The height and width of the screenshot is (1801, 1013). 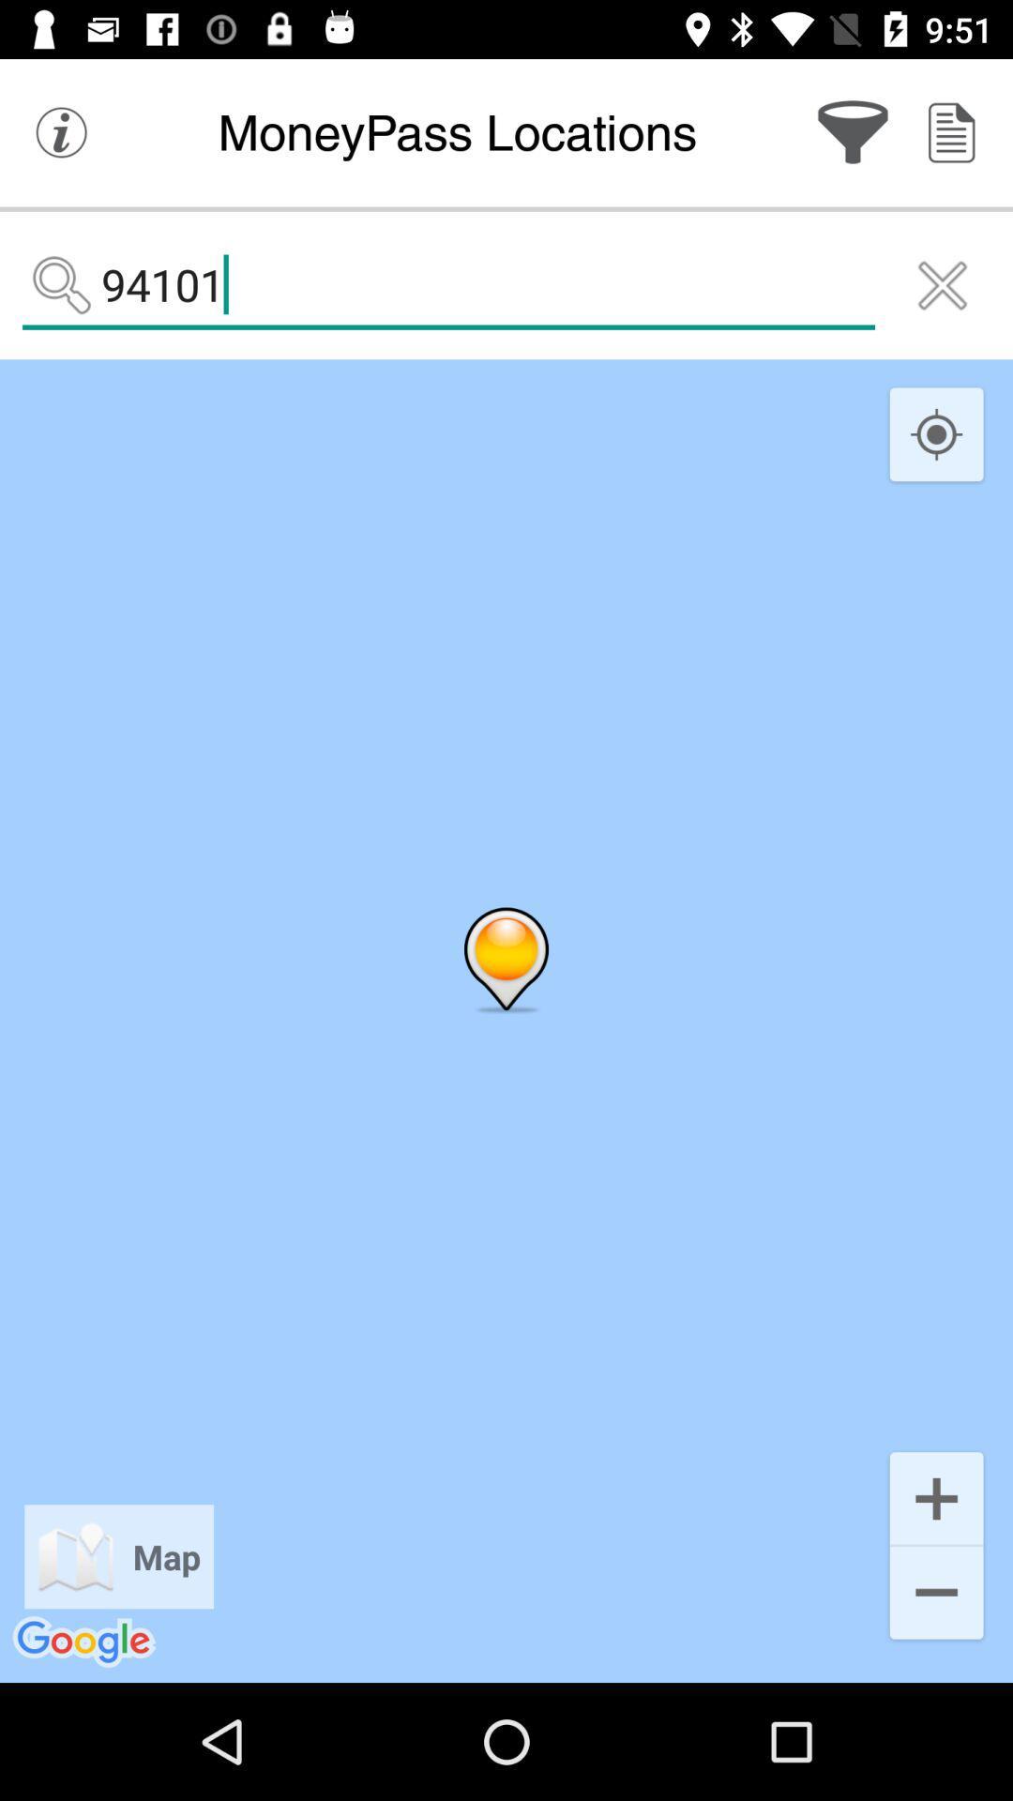 What do you see at coordinates (853, 131) in the screenshot?
I see `the filter icon` at bounding box center [853, 131].